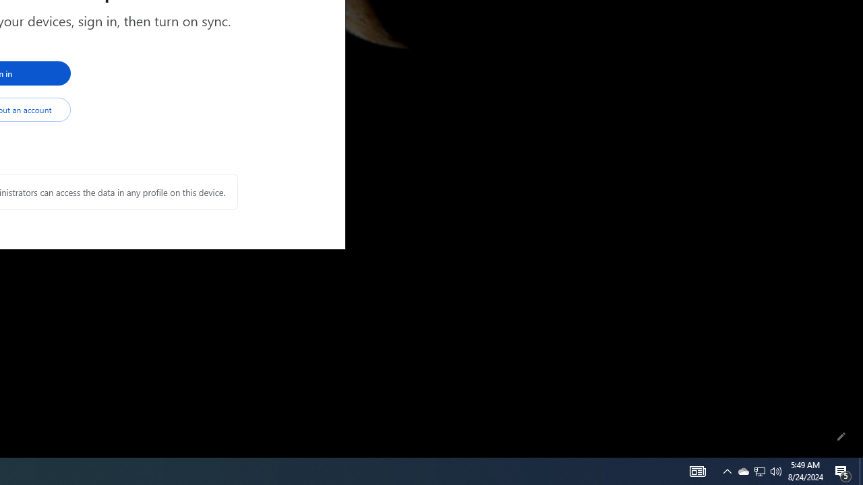 Image resolution: width=863 pixels, height=485 pixels. What do you see at coordinates (843, 470) in the screenshot?
I see `'Action Center, 5 new notifications'` at bounding box center [843, 470].